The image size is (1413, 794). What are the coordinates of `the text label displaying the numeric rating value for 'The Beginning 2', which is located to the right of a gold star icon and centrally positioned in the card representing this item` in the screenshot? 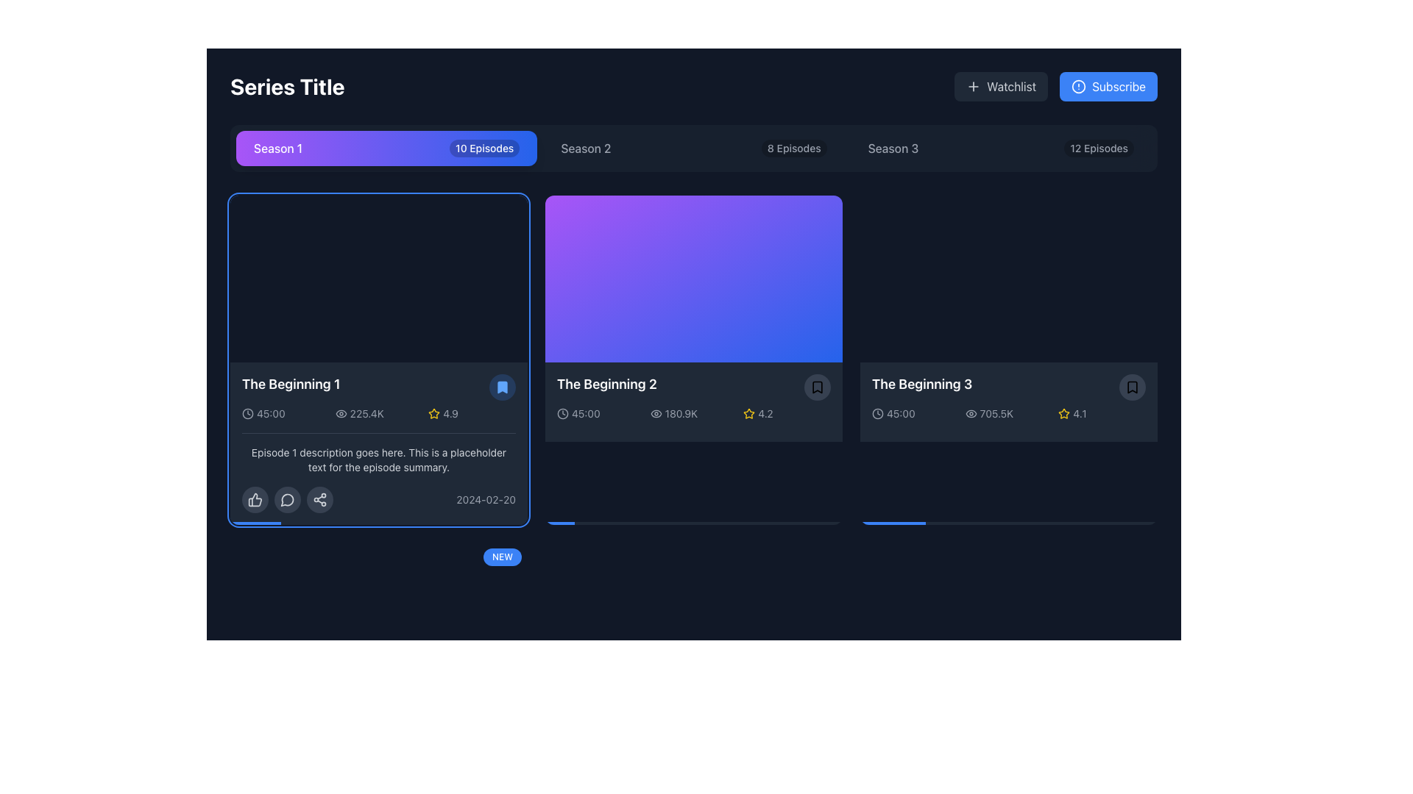 It's located at (765, 414).